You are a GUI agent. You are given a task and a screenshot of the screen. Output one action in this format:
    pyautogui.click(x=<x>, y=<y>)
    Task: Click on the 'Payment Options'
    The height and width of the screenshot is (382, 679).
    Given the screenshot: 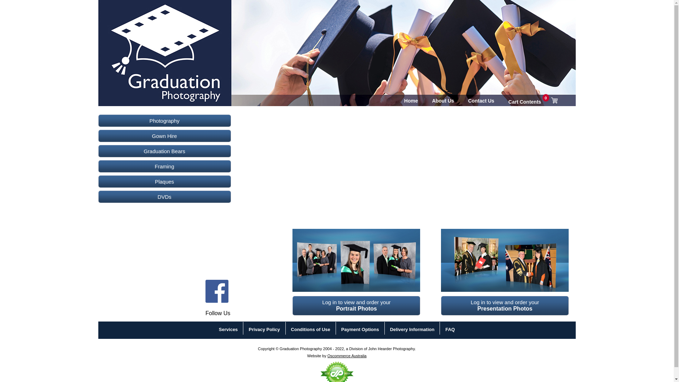 What is the action you would take?
    pyautogui.click(x=360, y=329)
    